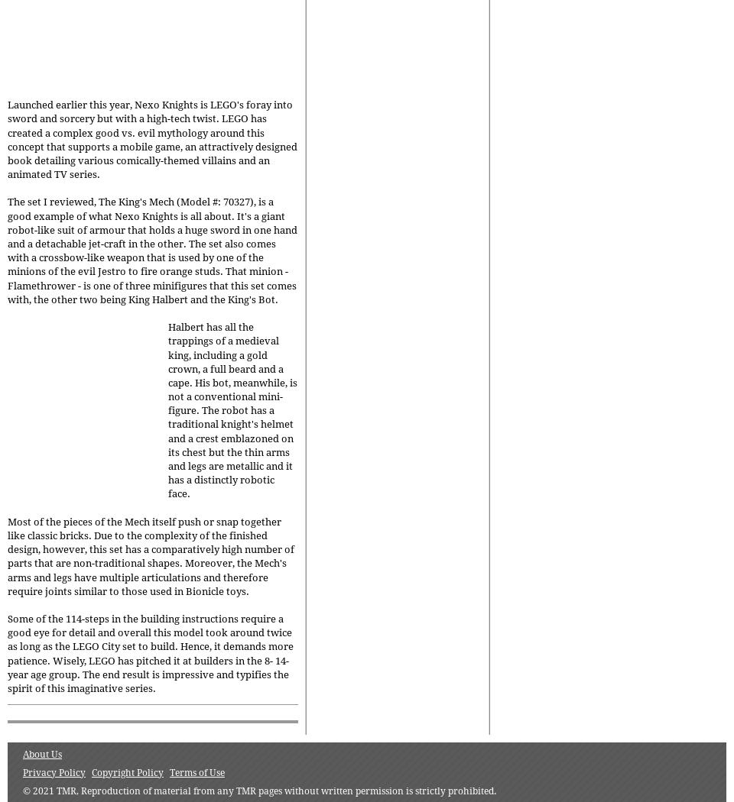 The width and height of the screenshot is (734, 802). I want to click on 'Some of the 114-steps in the building instructions require a good eye for detail and overall this model took around twice as long as the LEGO City set to build. Hence, it demands more patience. Wisely, LEGO has pitched it at builders in the 8- 14-year age group. The end result is impressive and typifies the spirit of this imaginative series.', so click(150, 653).